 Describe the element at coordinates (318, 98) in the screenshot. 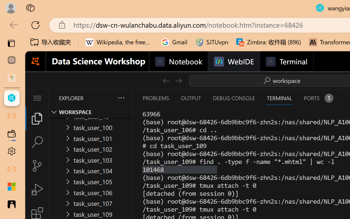

I see `'Ports - 5 forwarded ports'` at that location.